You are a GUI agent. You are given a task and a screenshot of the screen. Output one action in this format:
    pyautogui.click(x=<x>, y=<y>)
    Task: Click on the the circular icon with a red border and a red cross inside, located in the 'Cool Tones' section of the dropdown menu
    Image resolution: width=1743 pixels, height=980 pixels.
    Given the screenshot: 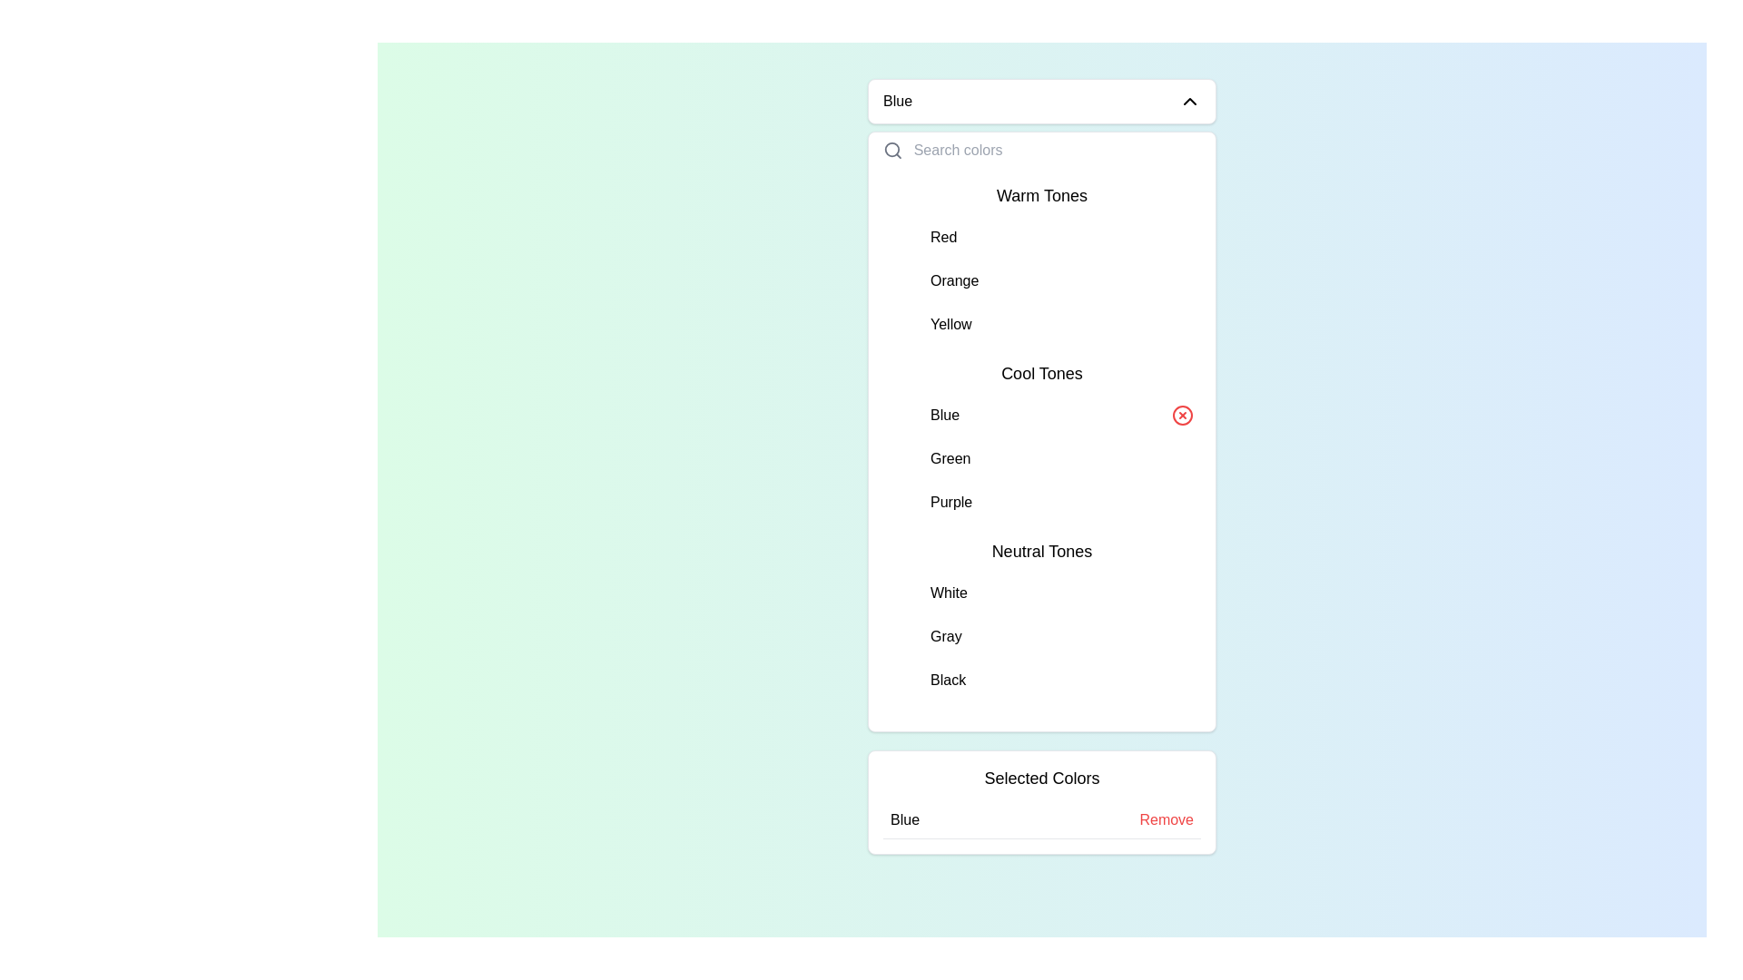 What is the action you would take?
    pyautogui.click(x=1182, y=416)
    